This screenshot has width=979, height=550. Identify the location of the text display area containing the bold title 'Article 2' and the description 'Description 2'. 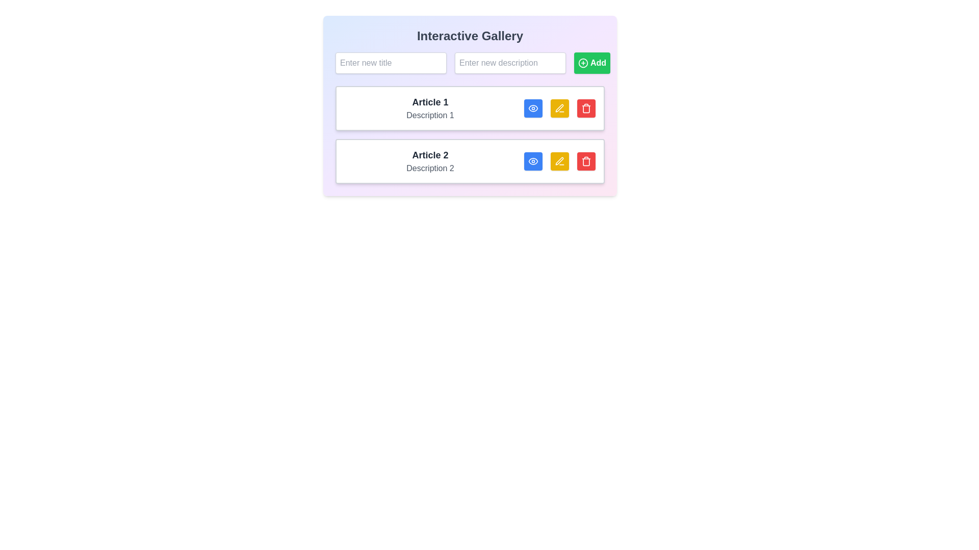
(430, 160).